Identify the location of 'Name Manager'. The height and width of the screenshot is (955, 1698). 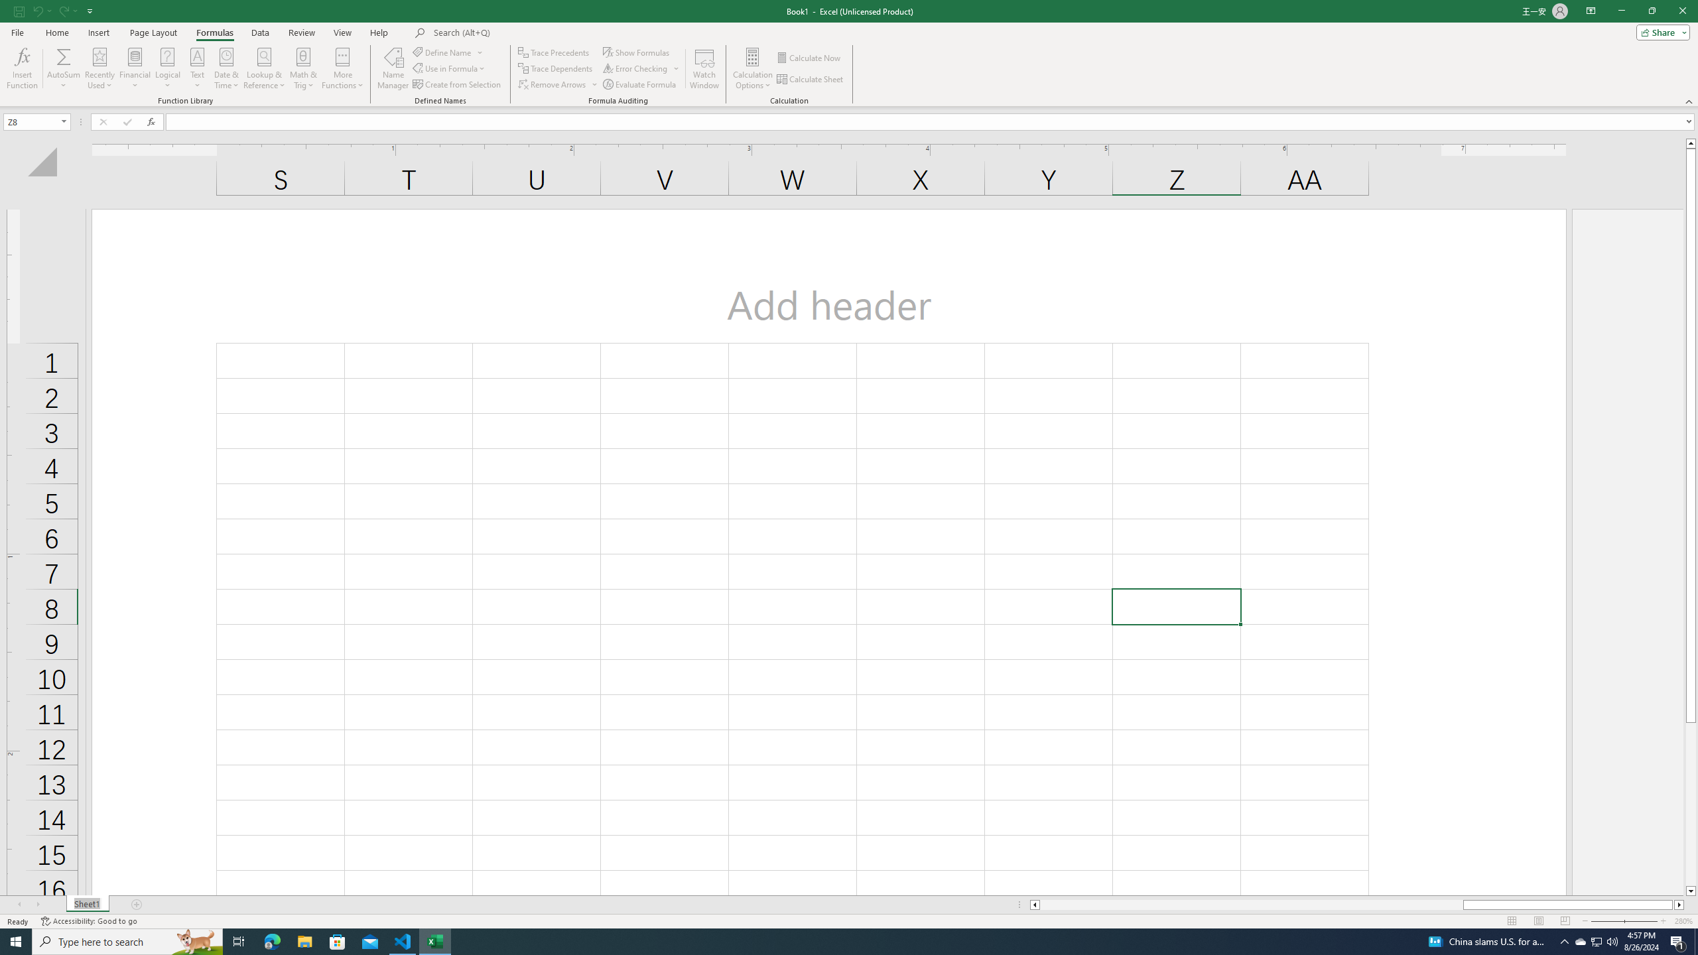
(392, 68).